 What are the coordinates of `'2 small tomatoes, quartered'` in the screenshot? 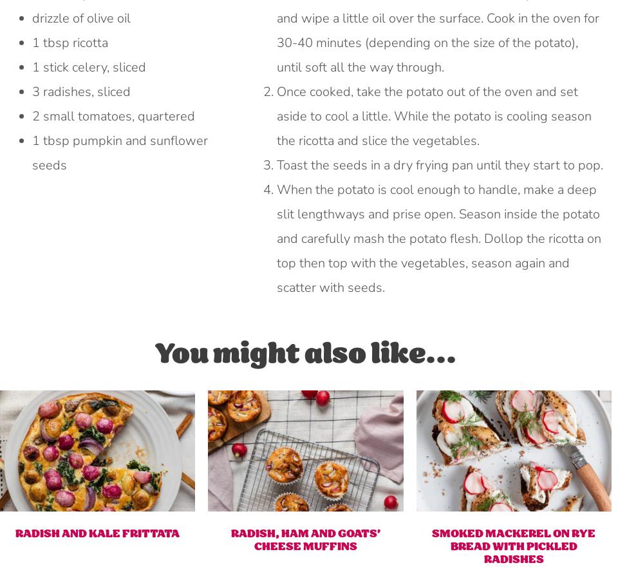 It's located at (113, 115).